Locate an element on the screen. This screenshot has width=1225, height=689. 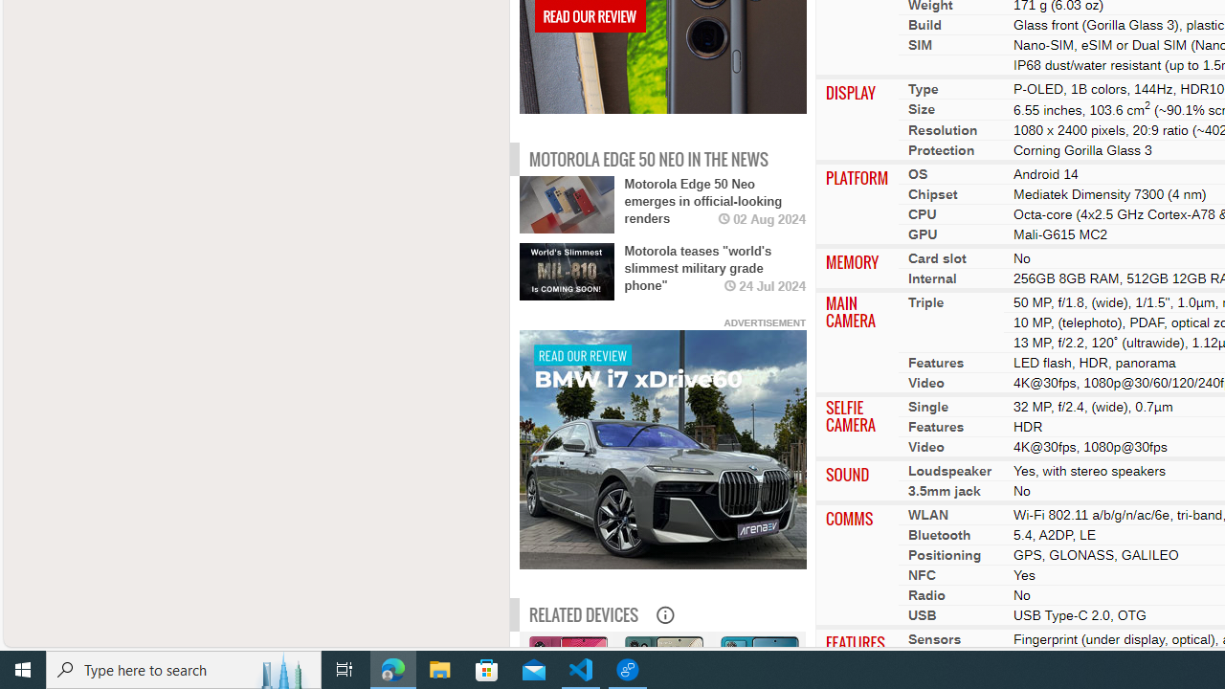
'NFC' is located at coordinates (922, 573).